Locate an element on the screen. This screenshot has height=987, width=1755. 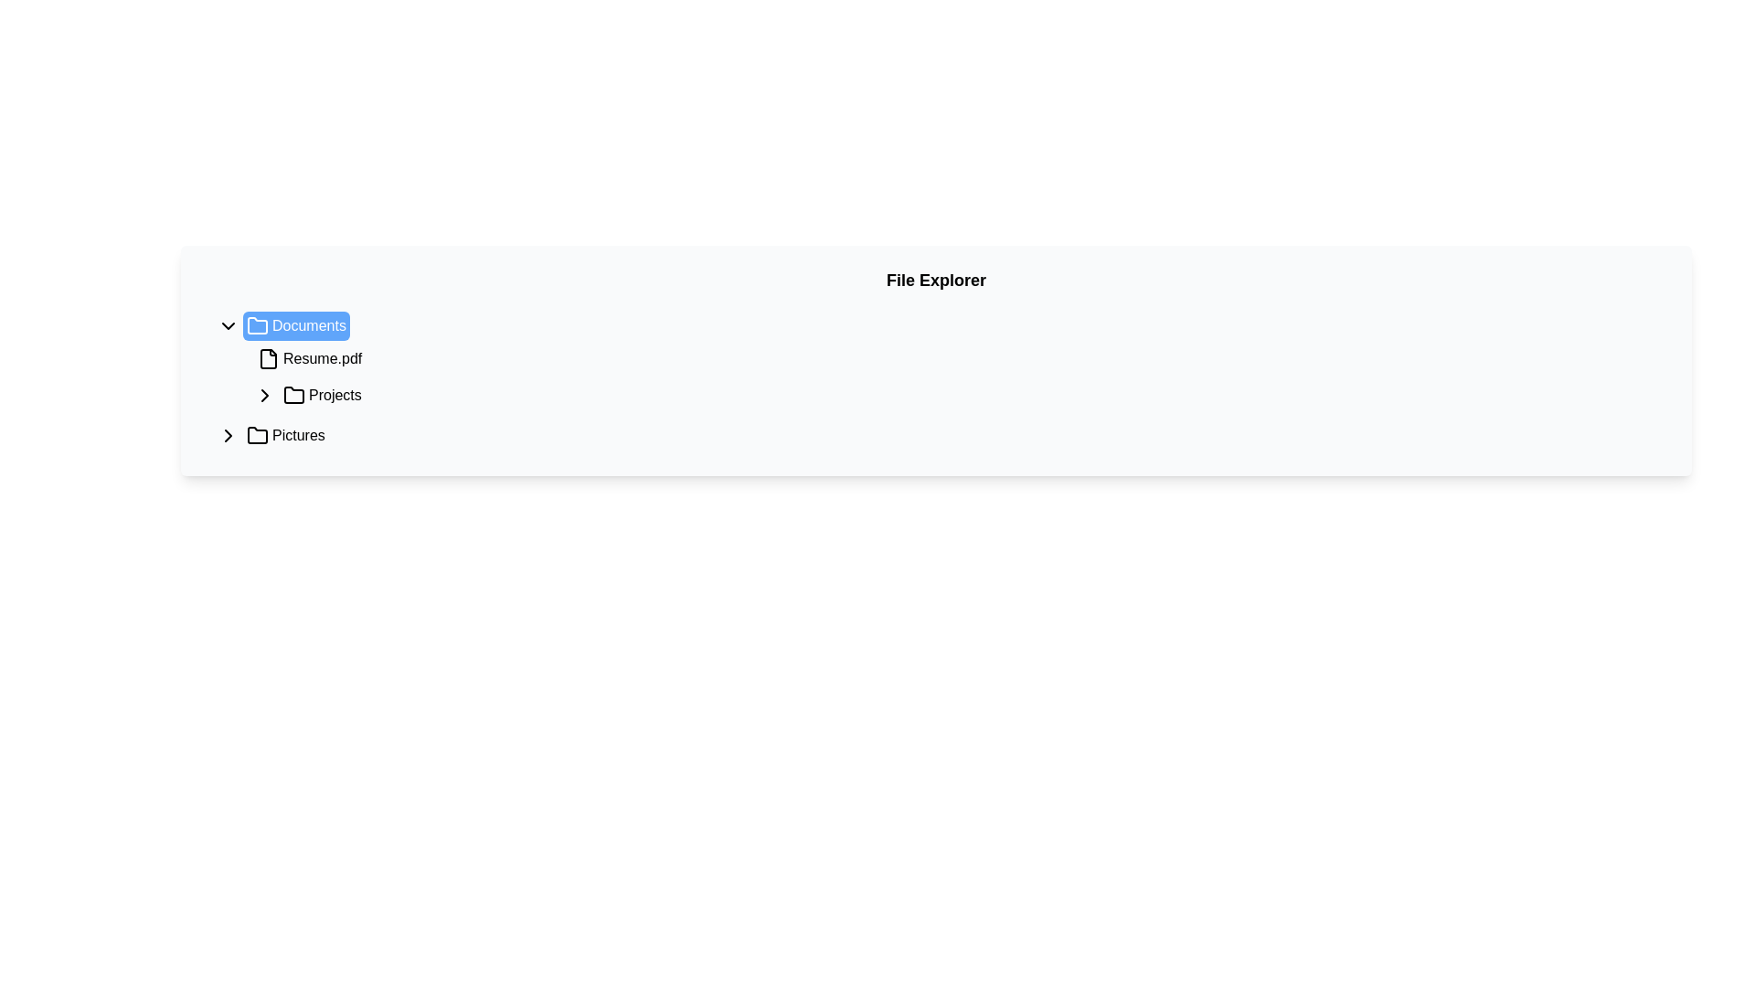
the document icon, which represents the file 'Resume.pdf' is located at coordinates (267, 359).